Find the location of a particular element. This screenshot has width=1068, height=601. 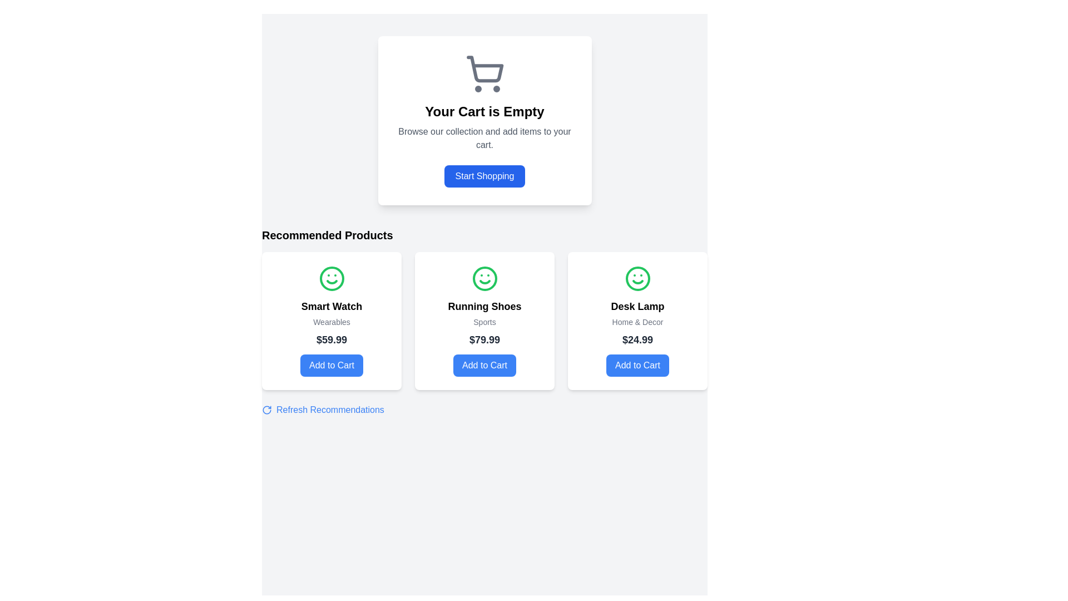

text label that says 'Browse our collection and add items to your cart.' which is located below the 'Your Cart is Empty' title and above the 'Start Shopping' button is located at coordinates (484, 138).